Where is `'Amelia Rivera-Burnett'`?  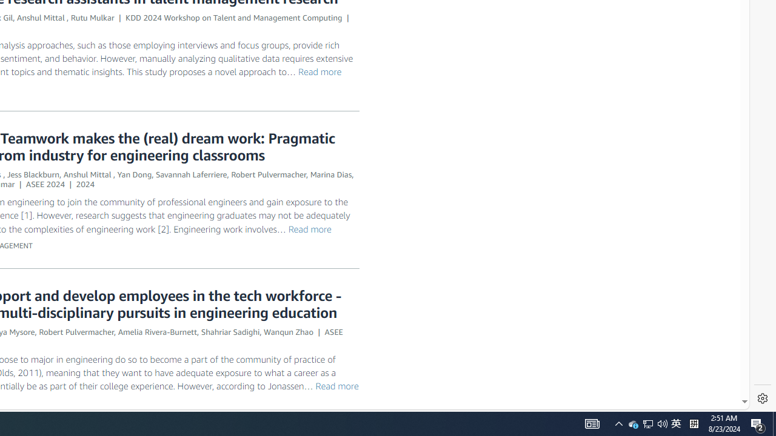
'Amelia Rivera-Burnett' is located at coordinates (157, 331).